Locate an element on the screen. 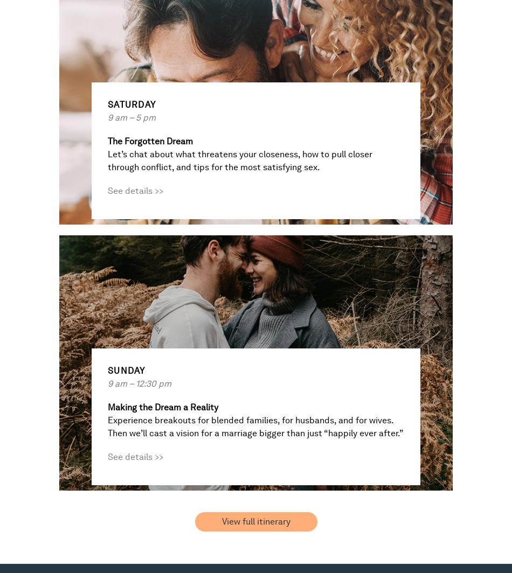 This screenshot has width=512, height=573. 'Experience breakouts for blended families, for husbands, and for wives. Then we’ll cast a vision for a marriage bigger than just “happily ever after.”' is located at coordinates (255, 427).